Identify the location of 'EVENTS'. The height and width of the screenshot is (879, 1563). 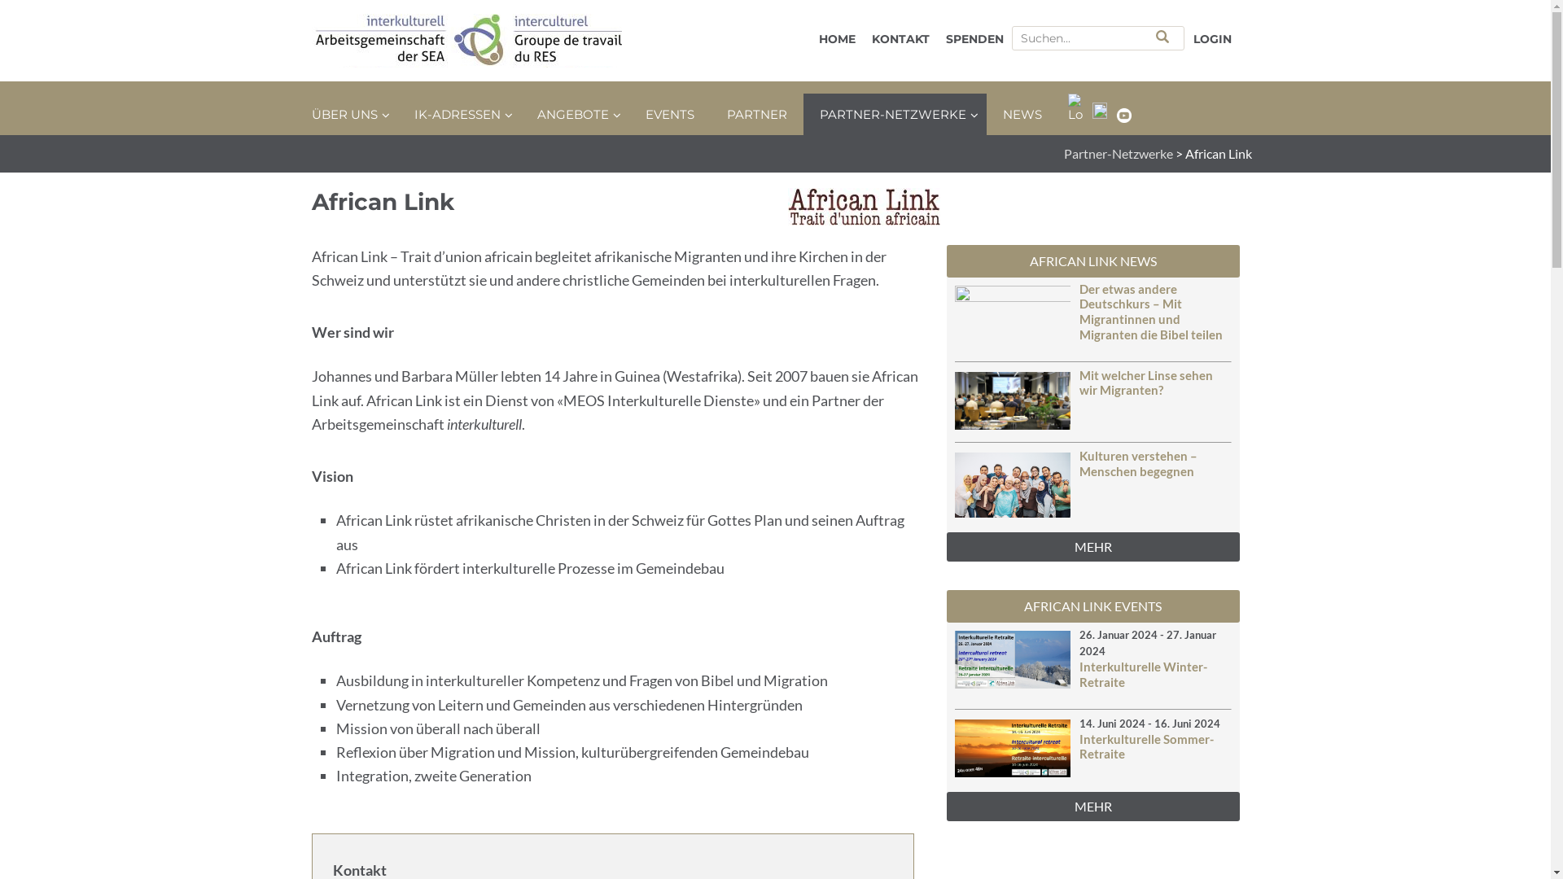
(668, 113).